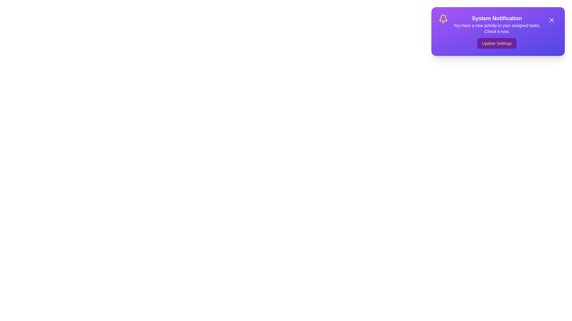 This screenshot has width=572, height=321. What do you see at coordinates (443, 19) in the screenshot?
I see `the notification icon to interact with it` at bounding box center [443, 19].